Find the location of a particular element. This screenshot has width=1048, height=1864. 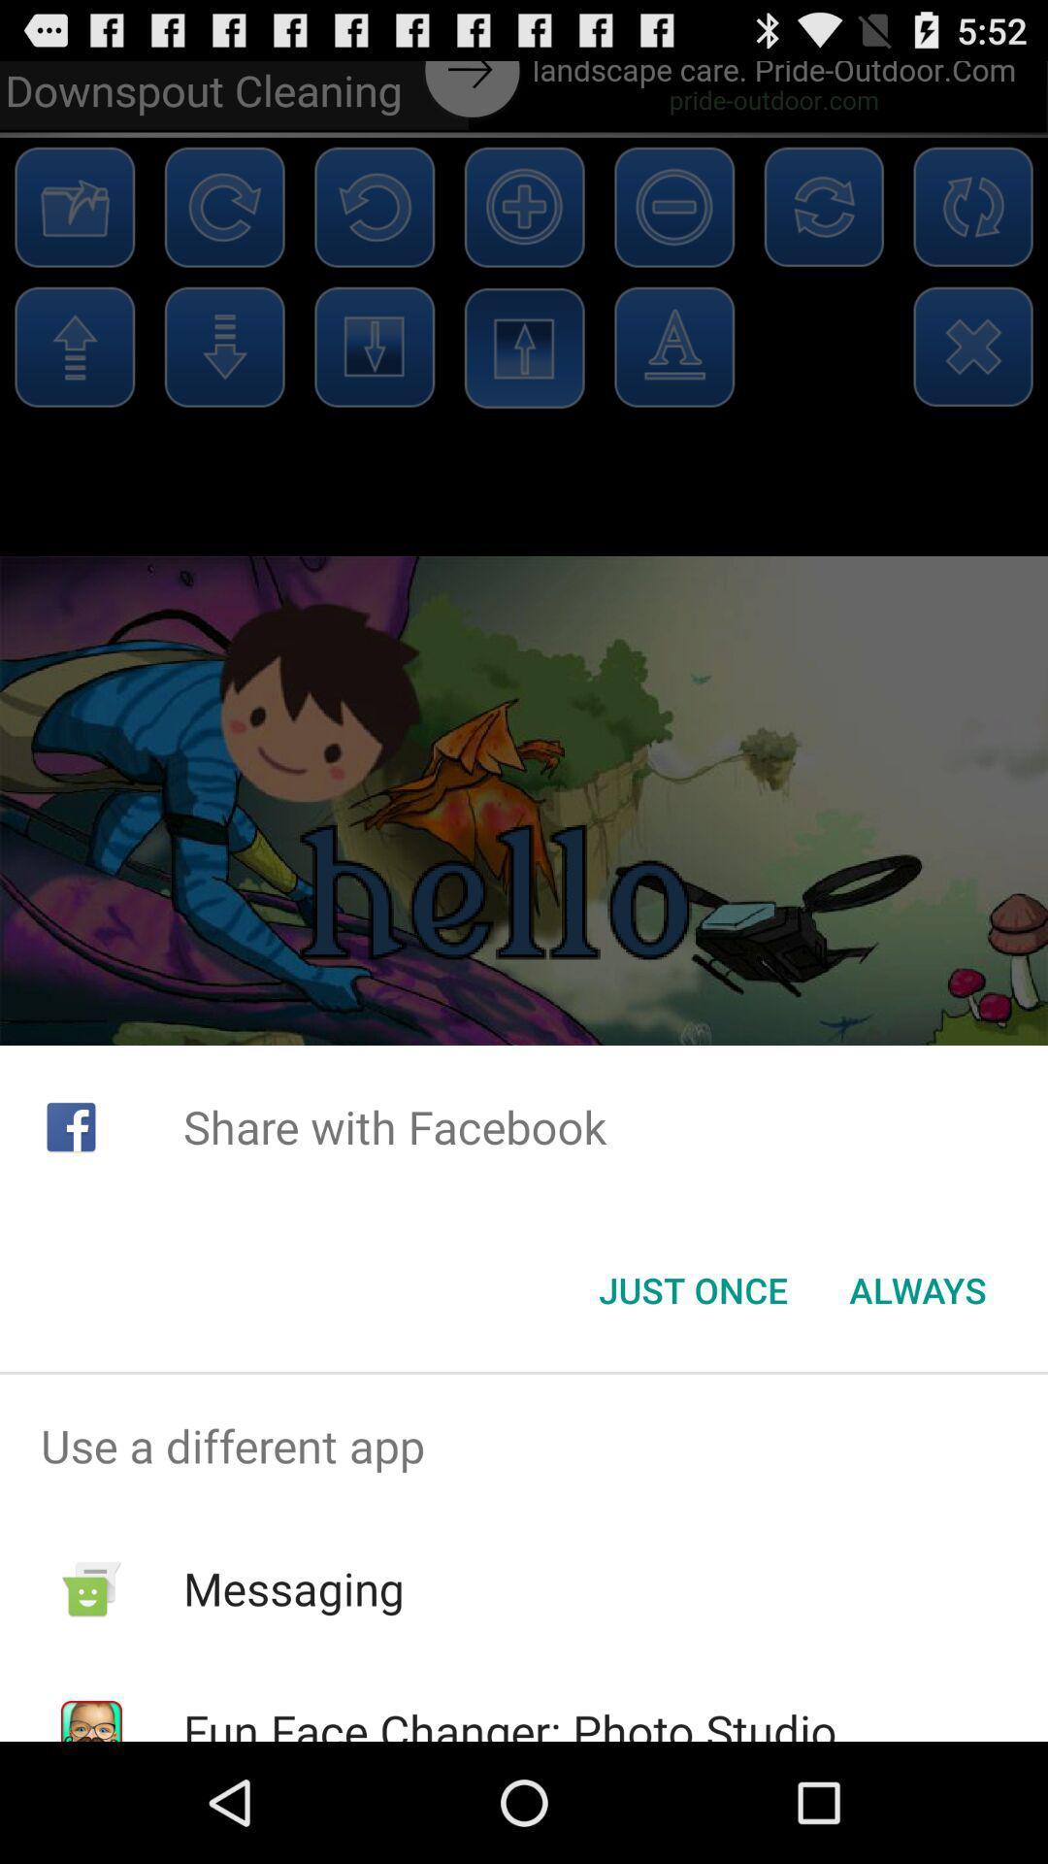

the icon next to the always button is located at coordinates (692, 1290).